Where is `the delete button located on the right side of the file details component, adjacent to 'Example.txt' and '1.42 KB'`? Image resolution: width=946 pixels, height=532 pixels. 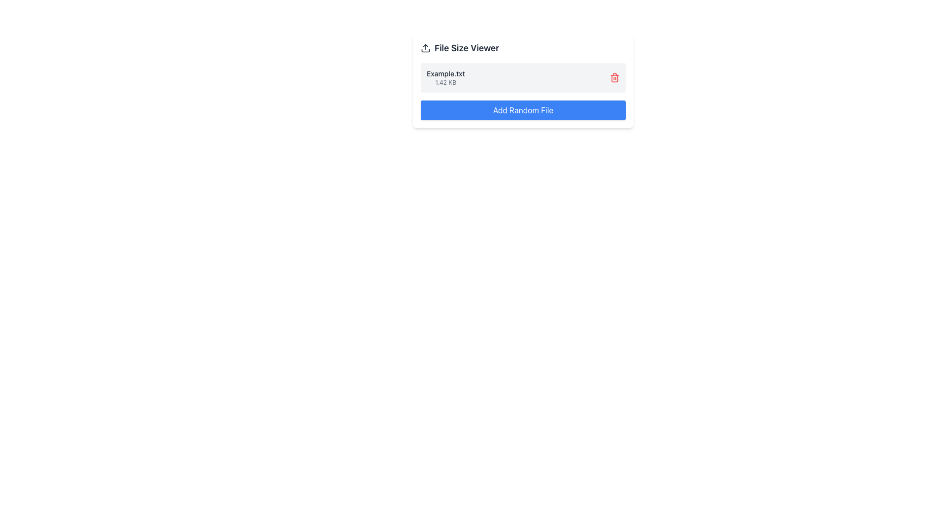
the delete button located on the right side of the file details component, adjacent to 'Example.txt' and '1.42 KB' is located at coordinates (614, 77).